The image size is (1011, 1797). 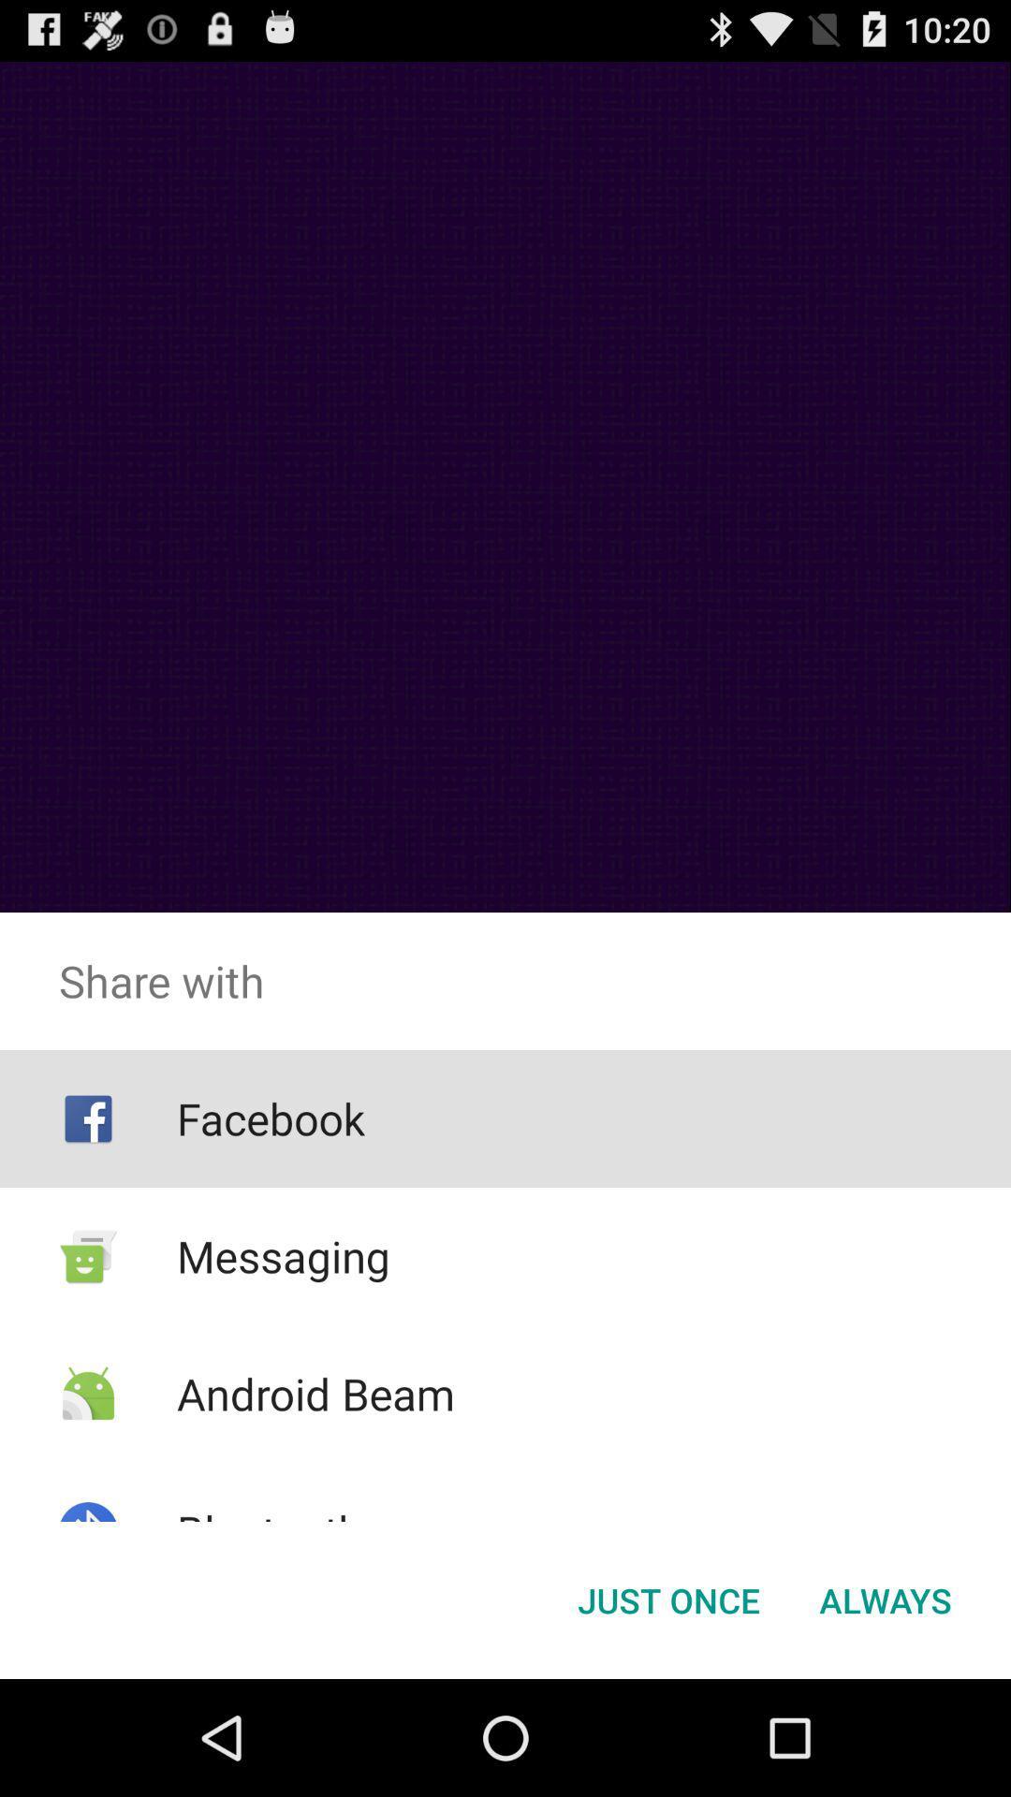 I want to click on the app below android beam icon, so click(x=270, y=1531).